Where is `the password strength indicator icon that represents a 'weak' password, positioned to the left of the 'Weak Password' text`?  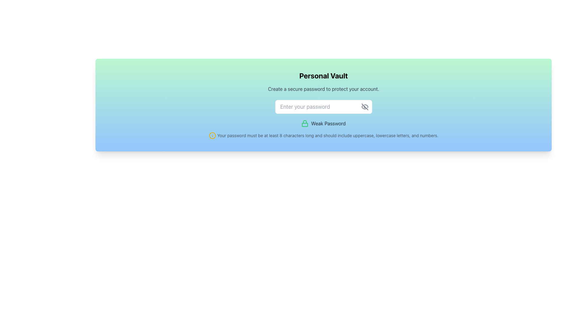 the password strength indicator icon that represents a 'weak' password, positioned to the left of the 'Weak Password' text is located at coordinates (305, 123).